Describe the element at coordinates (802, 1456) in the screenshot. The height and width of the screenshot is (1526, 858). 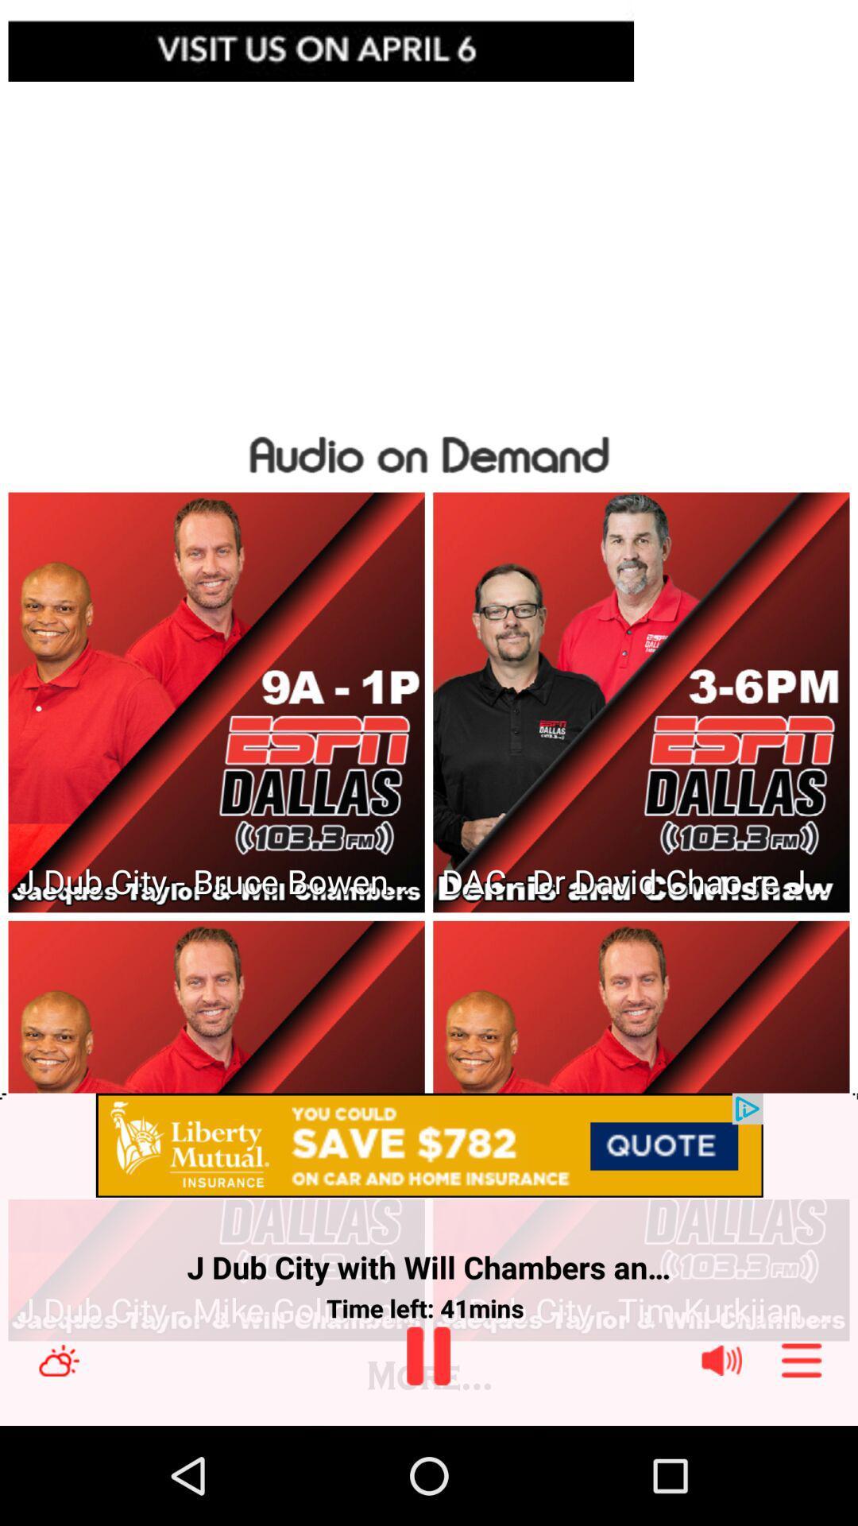
I see `the menu icon` at that location.